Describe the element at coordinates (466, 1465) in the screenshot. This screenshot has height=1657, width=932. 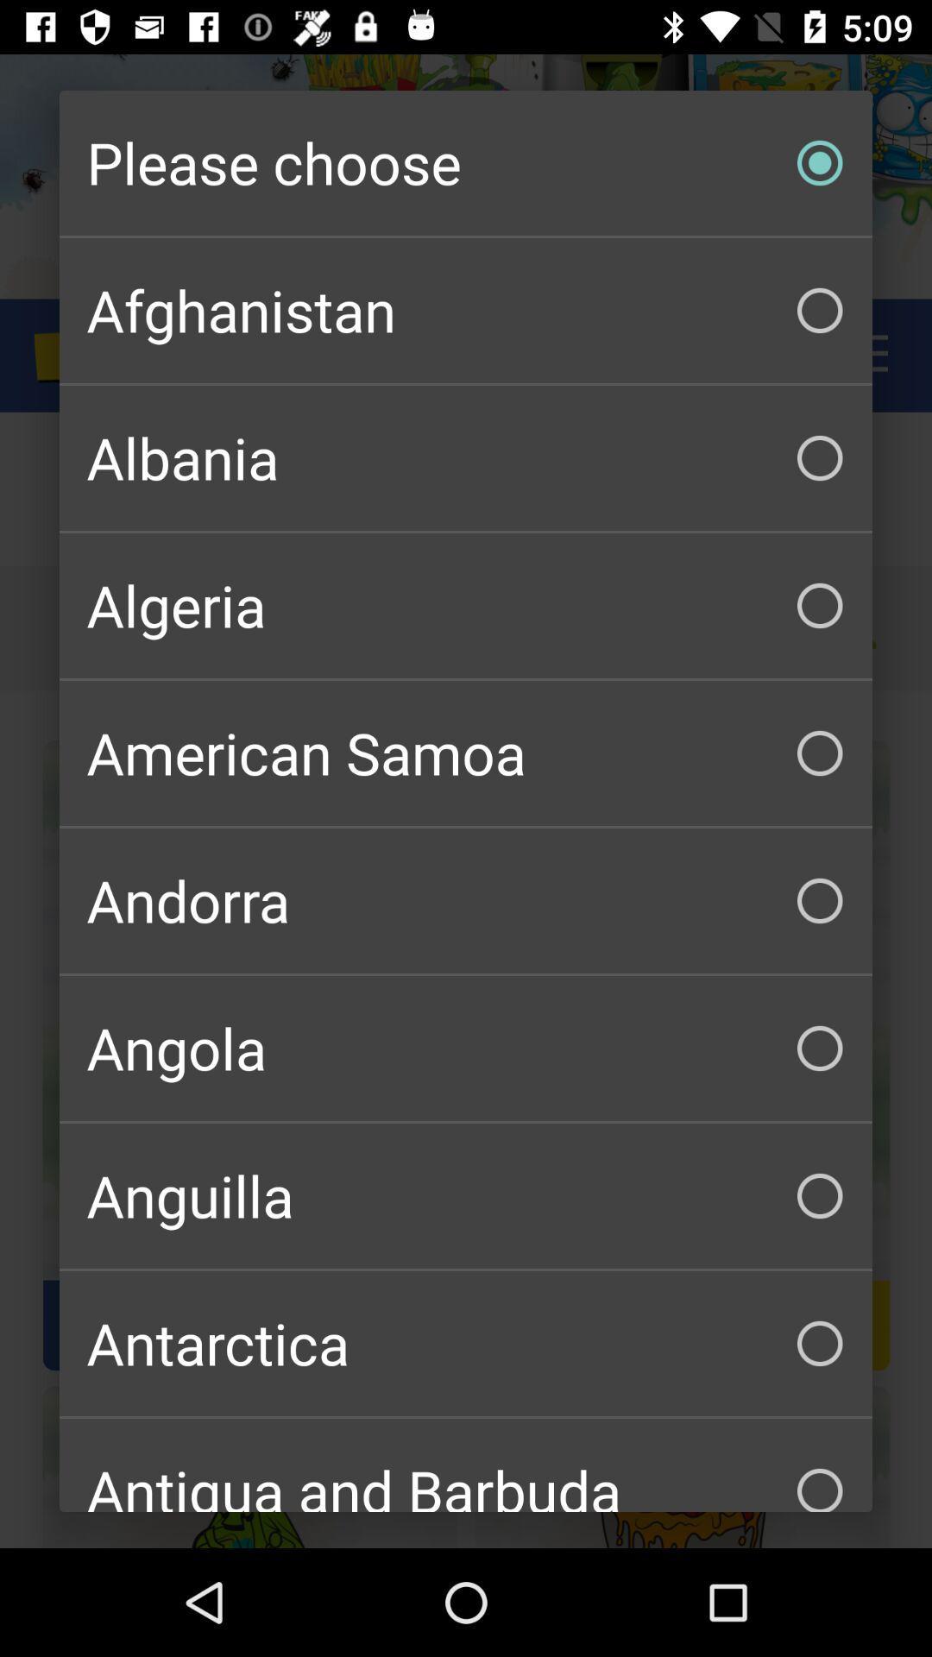
I see `item below the antarctica checkbox` at that location.